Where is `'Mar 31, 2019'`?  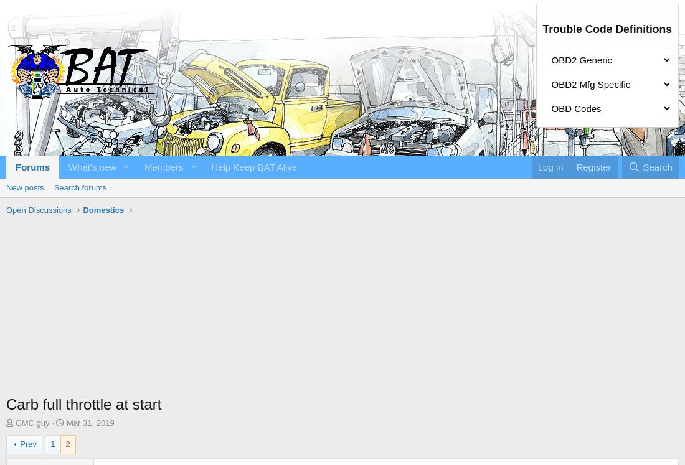 'Mar 31, 2019' is located at coordinates (89, 423).